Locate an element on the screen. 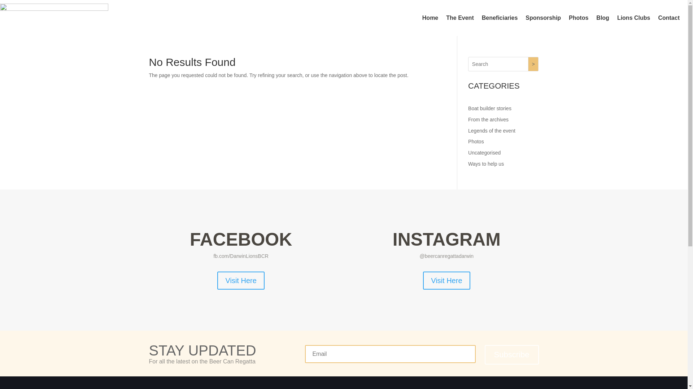 The height and width of the screenshot is (389, 693). 'Legends of the event' is located at coordinates (491, 130).